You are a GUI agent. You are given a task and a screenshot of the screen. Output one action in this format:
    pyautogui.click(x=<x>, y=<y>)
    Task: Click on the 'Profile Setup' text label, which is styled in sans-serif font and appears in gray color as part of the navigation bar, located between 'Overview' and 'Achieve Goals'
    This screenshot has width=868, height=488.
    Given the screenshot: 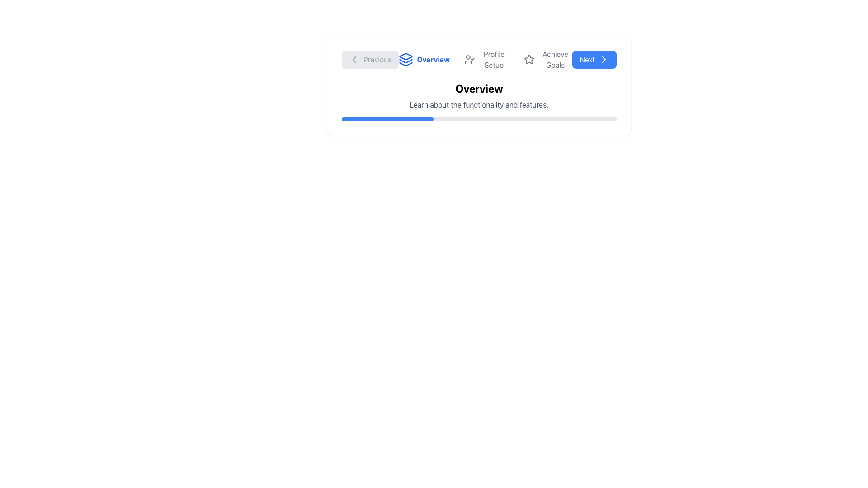 What is the action you would take?
    pyautogui.click(x=493, y=59)
    